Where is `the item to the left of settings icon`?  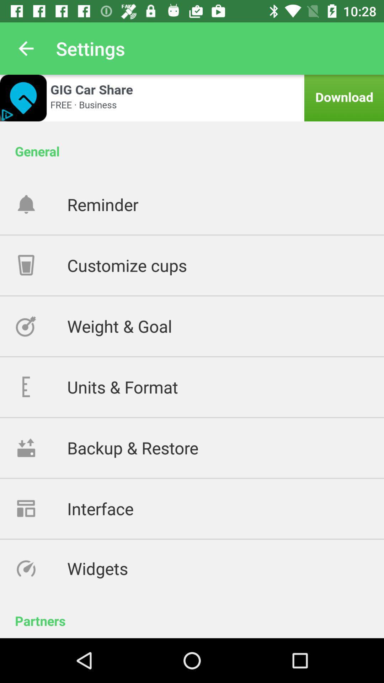 the item to the left of settings icon is located at coordinates (26, 48).